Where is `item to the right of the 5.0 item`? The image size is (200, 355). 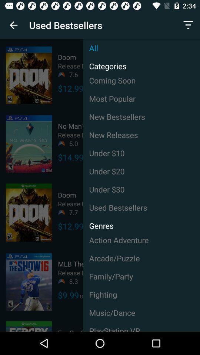 item to the right of the 5.0 item is located at coordinates (141, 134).